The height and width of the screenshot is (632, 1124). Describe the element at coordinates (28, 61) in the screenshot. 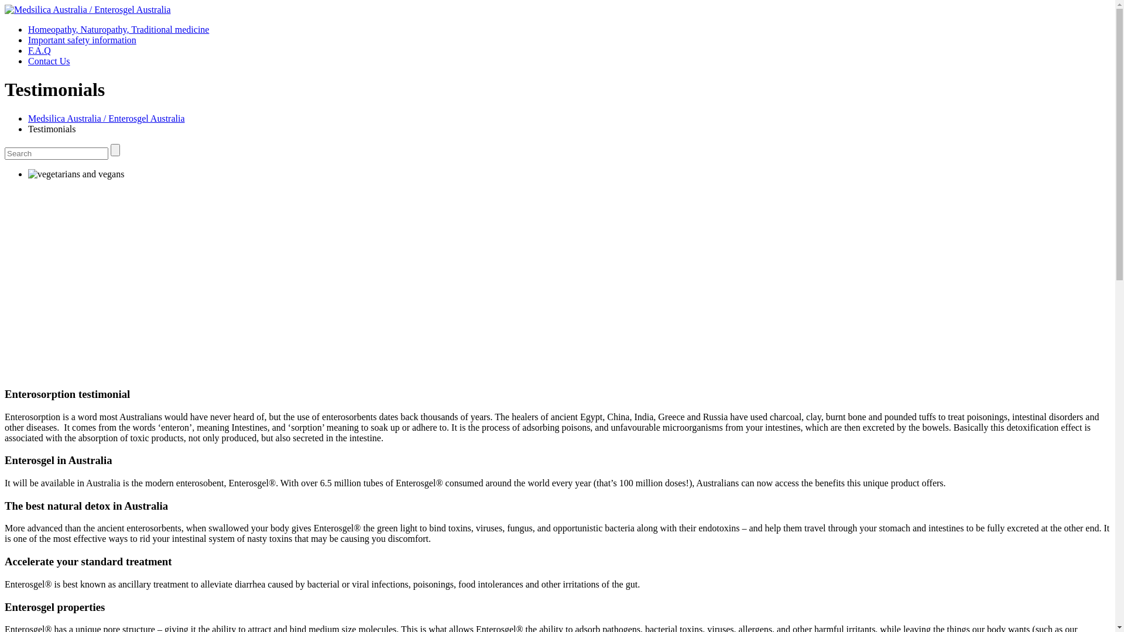

I see `'Contact Us'` at that location.